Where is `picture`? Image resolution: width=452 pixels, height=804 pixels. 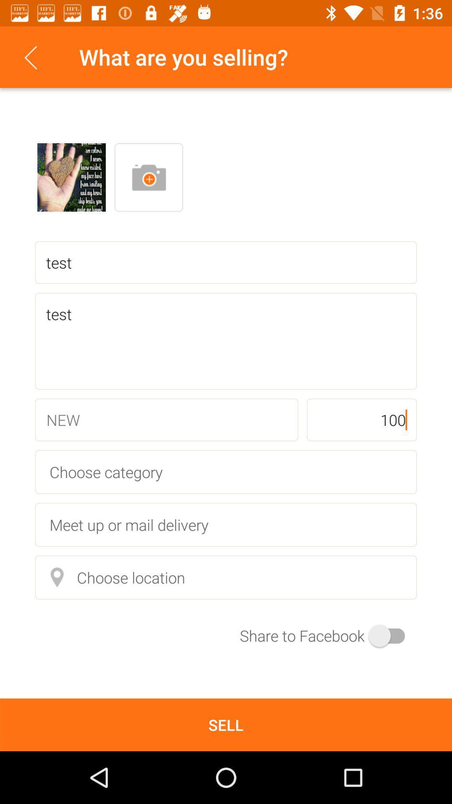 picture is located at coordinates (71, 177).